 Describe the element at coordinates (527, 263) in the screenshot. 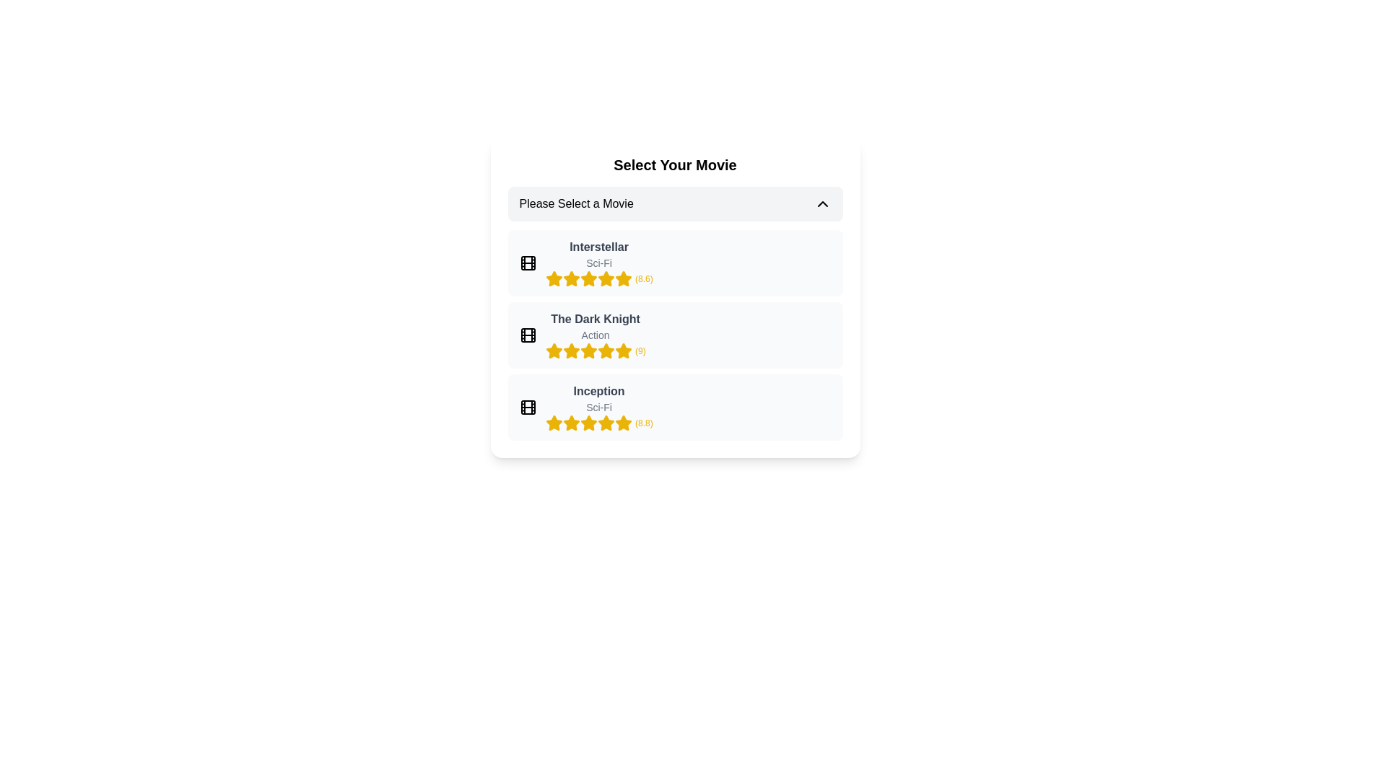

I see `the film reel icon representing the movie 'Interstellar', which is located at the top left corner of the list item before the text component containing the movie name and genre` at that location.